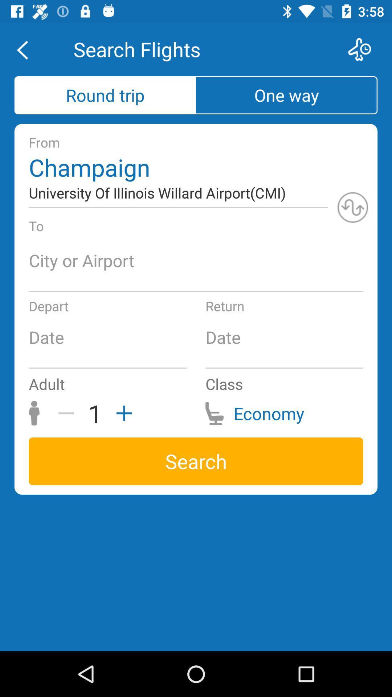  Describe the element at coordinates (364, 49) in the screenshot. I see `switch on flight timings` at that location.